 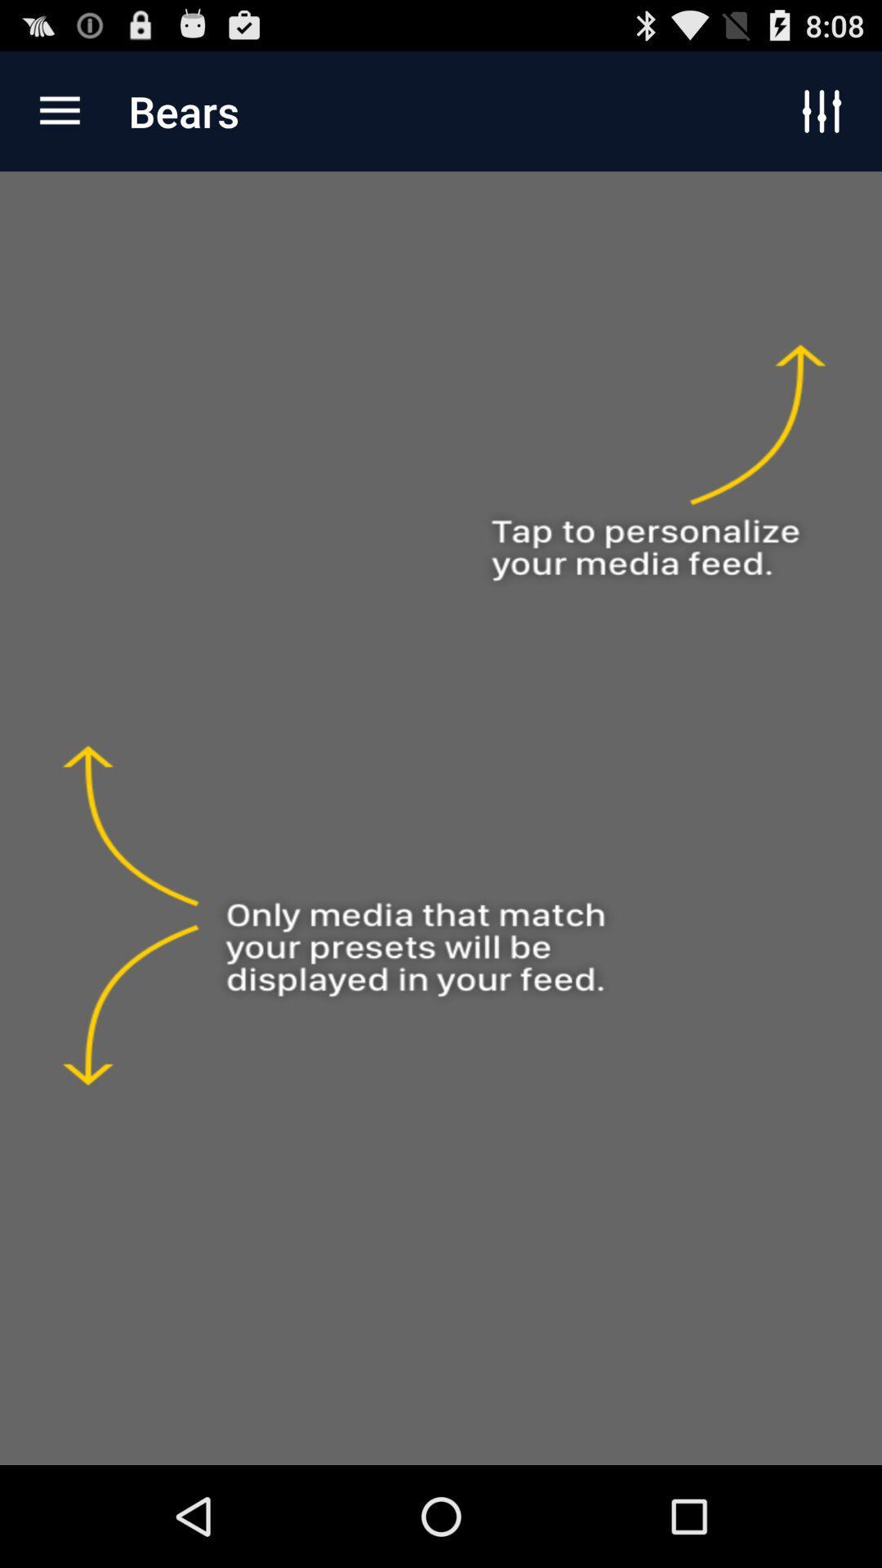 I want to click on the icon next to bears app, so click(x=59, y=110).